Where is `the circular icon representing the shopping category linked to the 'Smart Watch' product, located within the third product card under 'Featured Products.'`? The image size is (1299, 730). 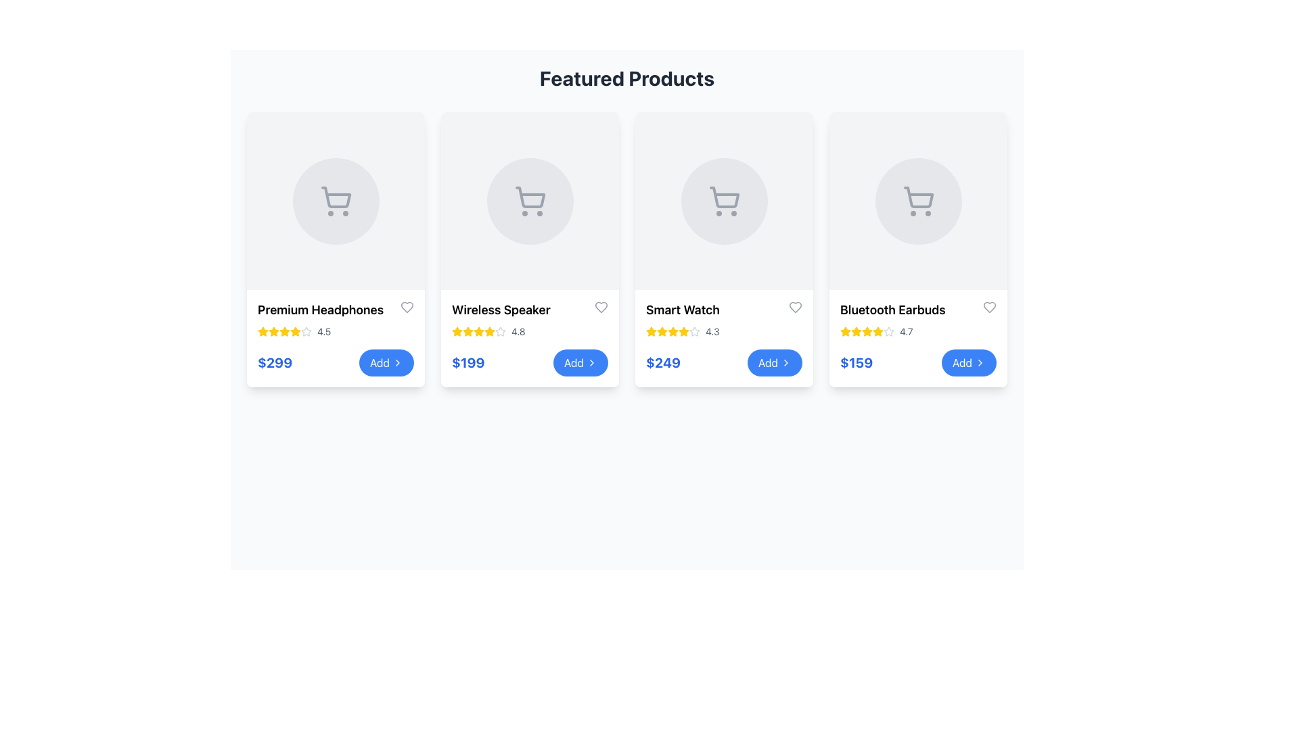
the circular icon representing the shopping category linked to the 'Smart Watch' product, located within the third product card under 'Featured Products.' is located at coordinates (723, 201).